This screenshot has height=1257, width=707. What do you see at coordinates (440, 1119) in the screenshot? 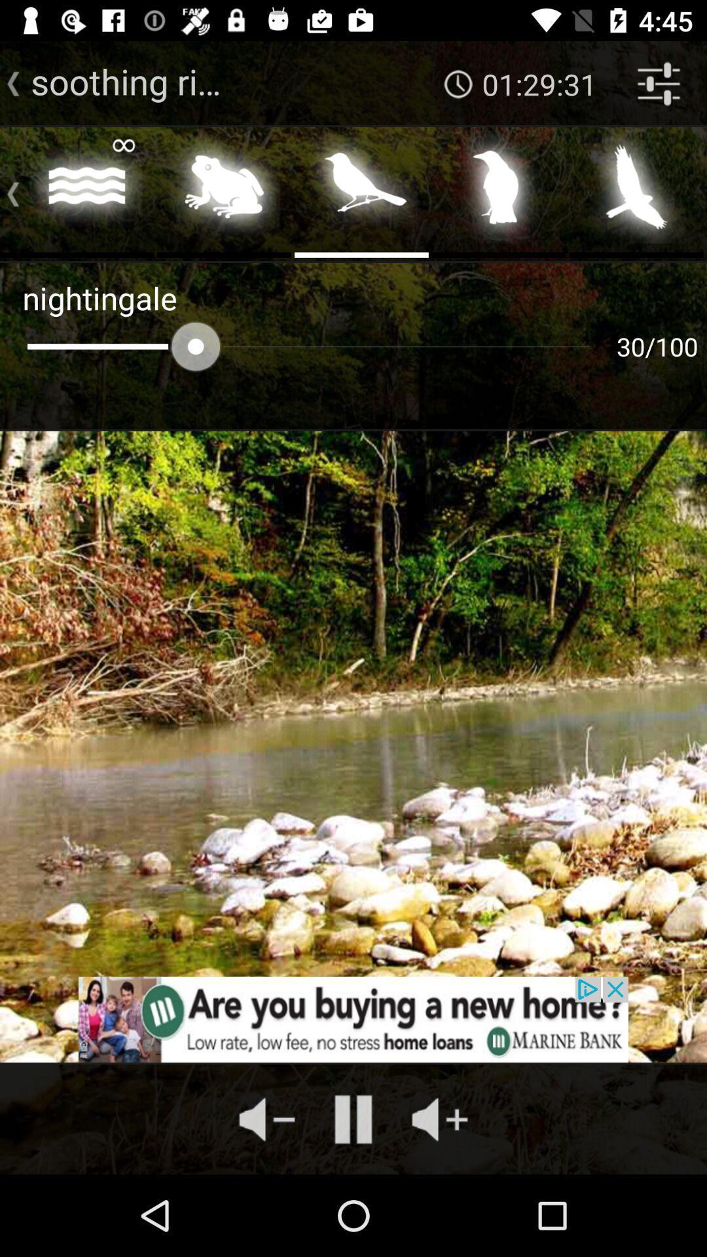
I see `the volume up option beside pause icon` at bounding box center [440, 1119].